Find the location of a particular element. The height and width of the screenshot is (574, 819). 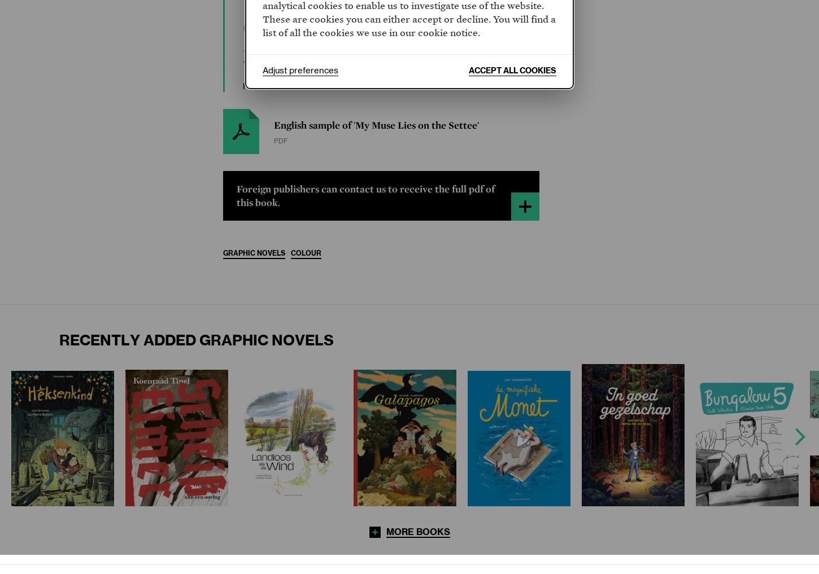

'Recently added Graphic Novels' is located at coordinates (197, 340).